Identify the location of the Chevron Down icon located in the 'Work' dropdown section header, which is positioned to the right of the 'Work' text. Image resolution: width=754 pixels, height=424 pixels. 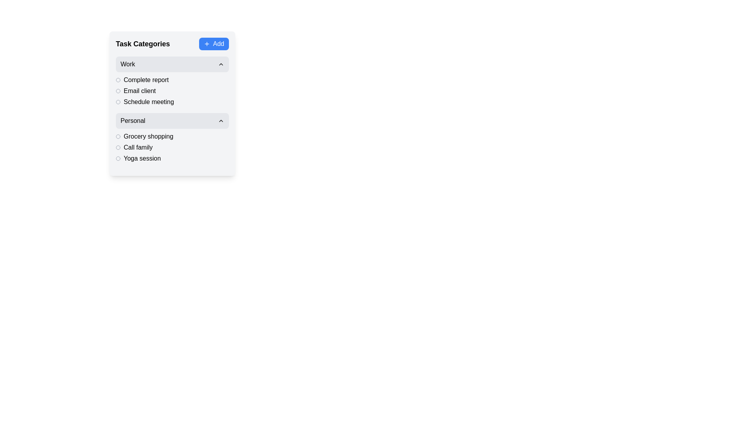
(220, 64).